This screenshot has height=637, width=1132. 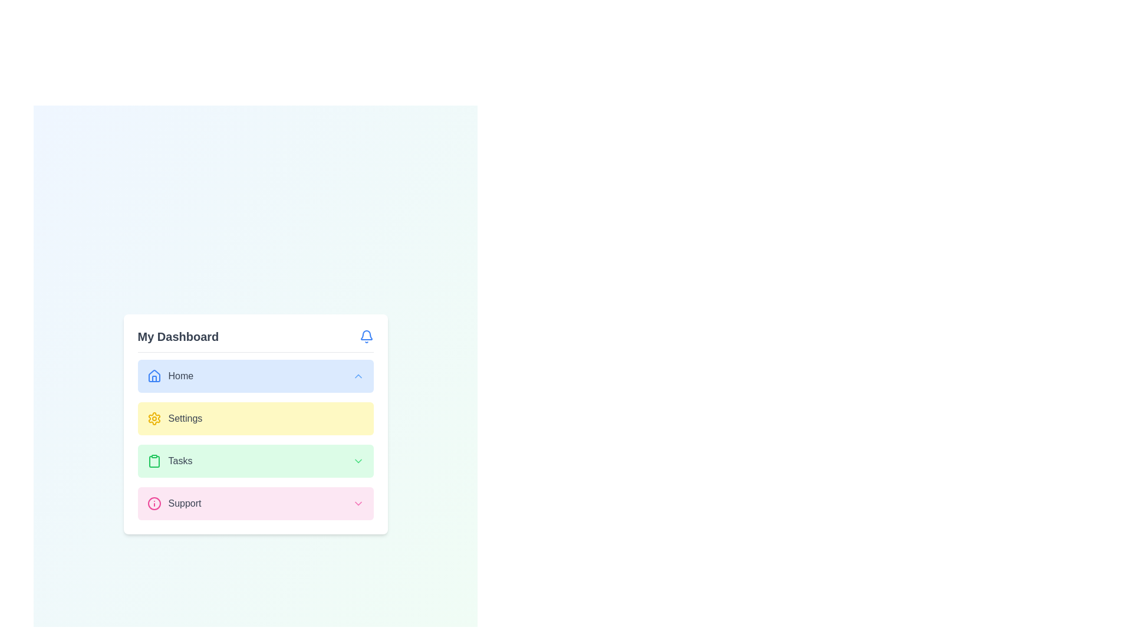 What do you see at coordinates (357, 460) in the screenshot?
I see `the green chevron-down icon located at the rightmost side of the 'Tasks' section` at bounding box center [357, 460].